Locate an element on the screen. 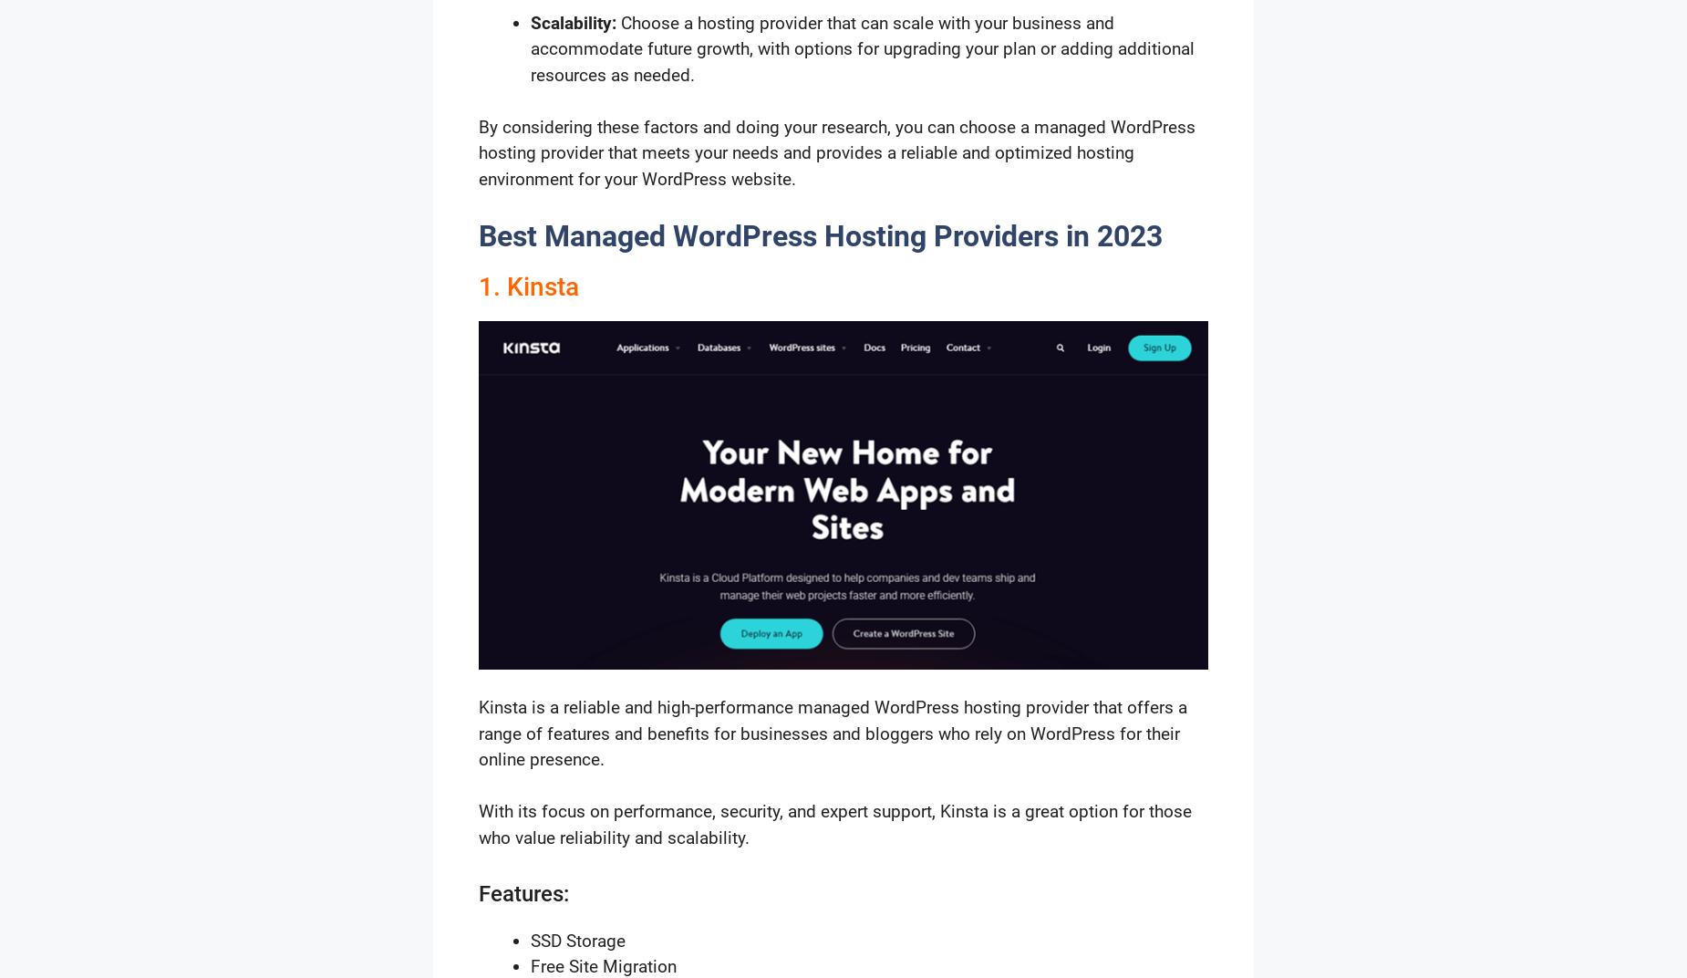 The image size is (1687, 978). 'Kinsta is a reliable and high-performance managed WordPress hosting provider that offers a range of features and benefits for businesses and bloggers who rely on WordPress for their online presence.' is located at coordinates (833, 733).